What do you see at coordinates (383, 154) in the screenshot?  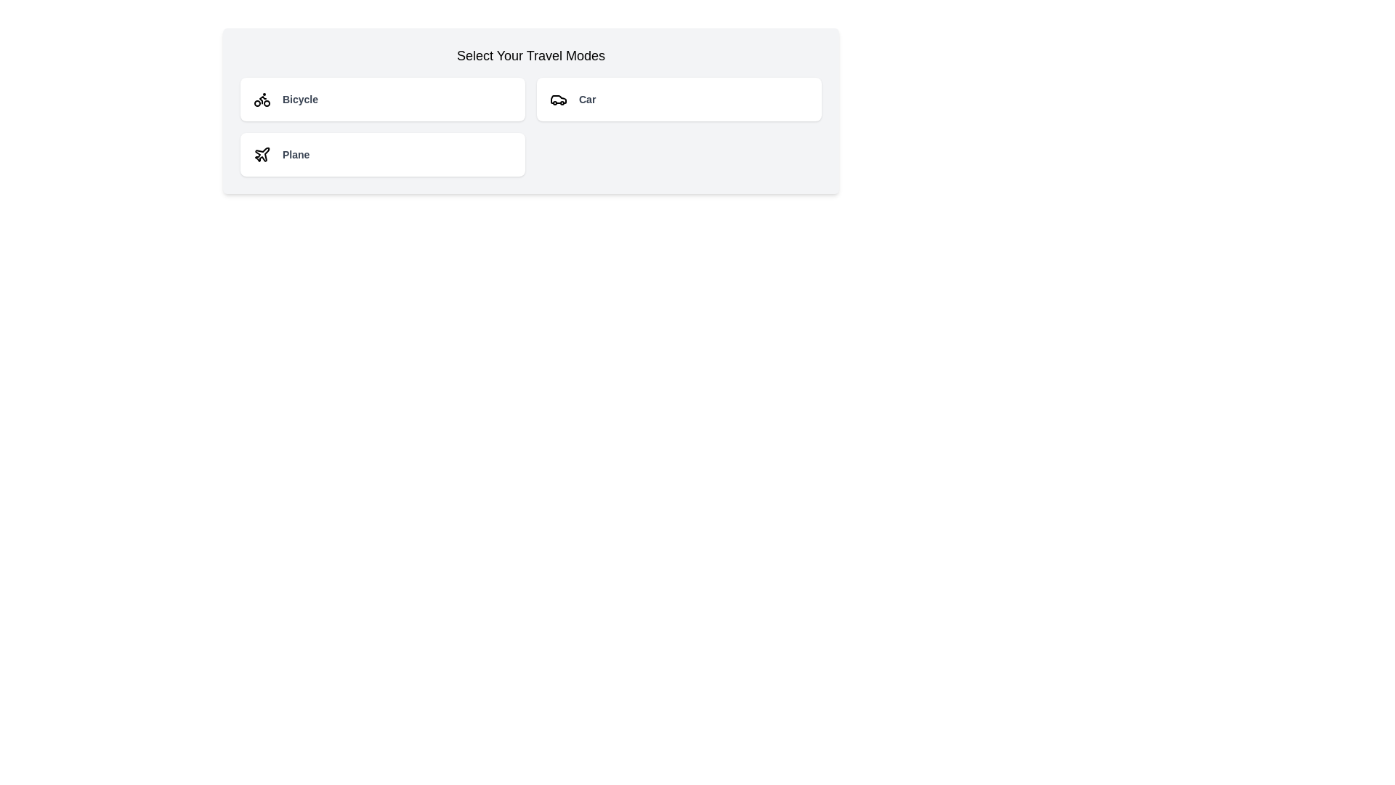 I see `the 'Plane' clickable card located in the lower-left area of the grid layout` at bounding box center [383, 154].